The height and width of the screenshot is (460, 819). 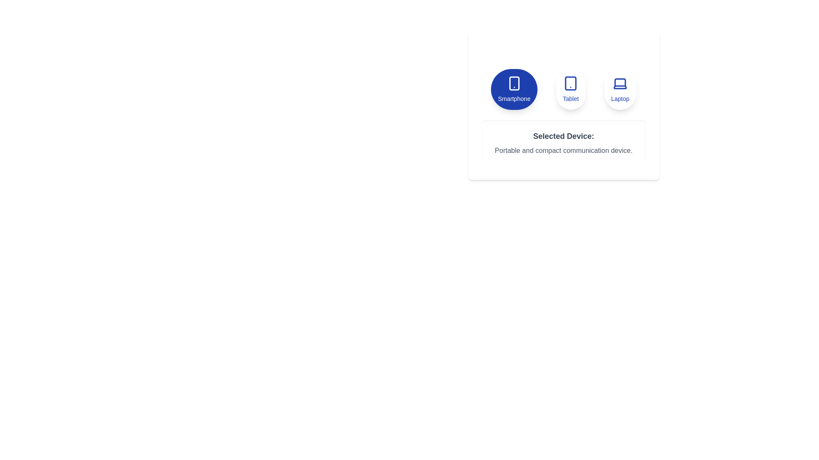 I want to click on the device Smartphone by clicking the corresponding button, so click(x=514, y=89).